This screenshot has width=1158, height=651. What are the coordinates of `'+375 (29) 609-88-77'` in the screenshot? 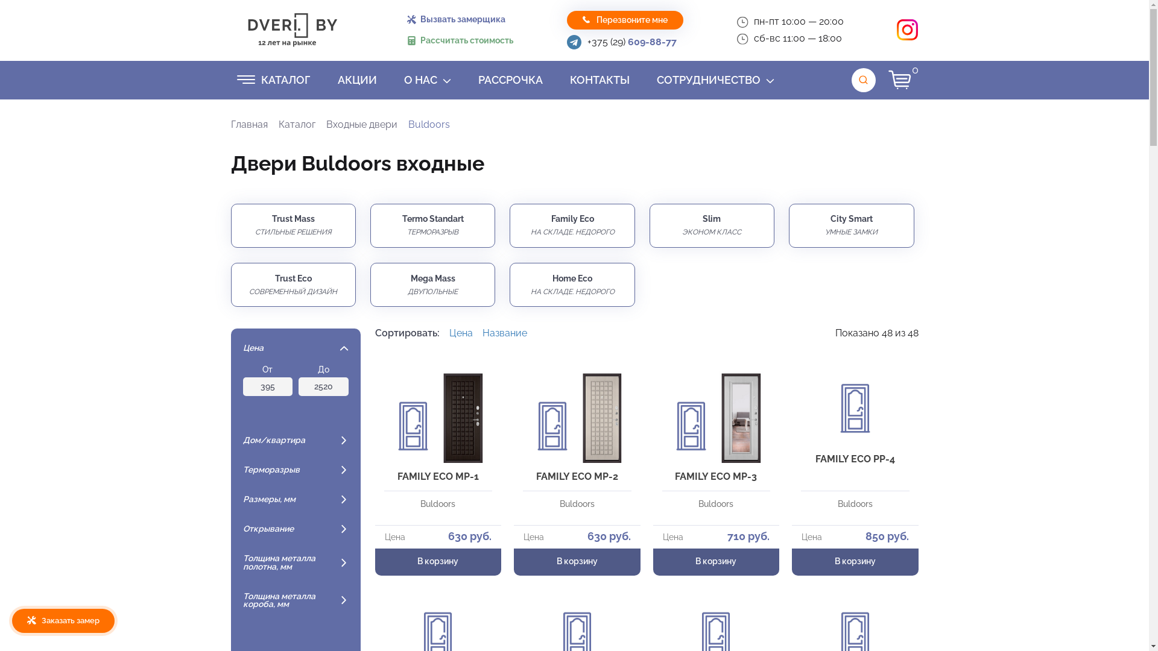 It's located at (631, 41).